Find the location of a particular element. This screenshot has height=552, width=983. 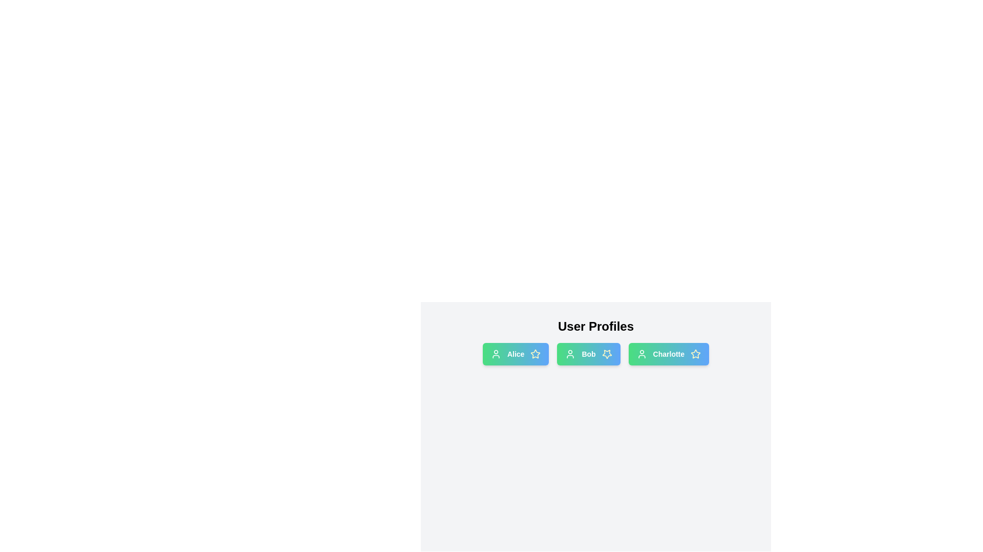

the star icon of Alice to toggle their follow status is located at coordinates (535, 354).